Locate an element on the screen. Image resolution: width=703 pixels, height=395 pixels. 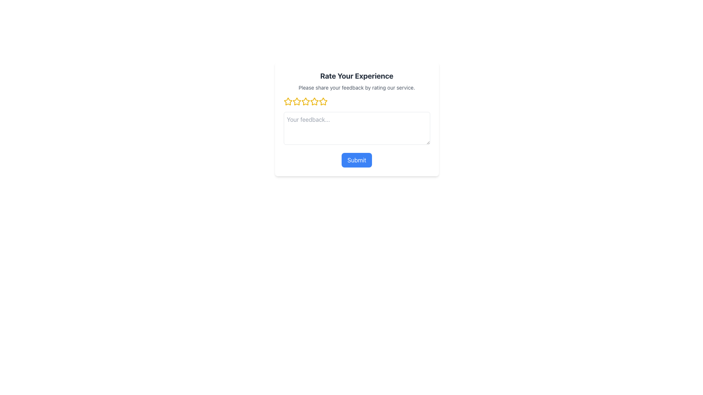
the fourth rating star icon, which is shaped like a star with a golden-yellow outline and transparent white fill, to rate at this level is located at coordinates (323, 101).